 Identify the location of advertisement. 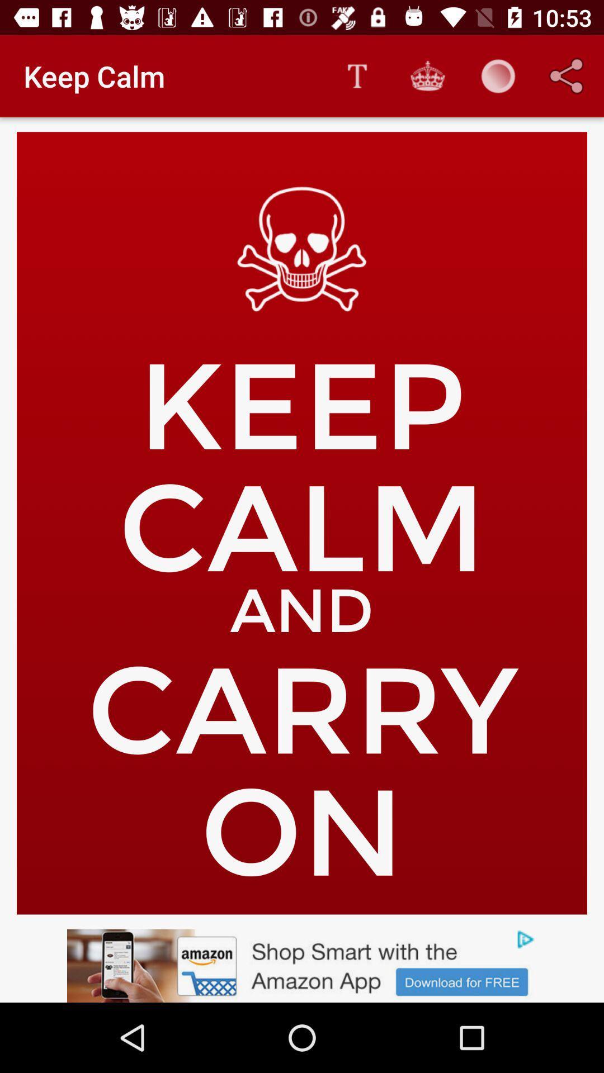
(302, 965).